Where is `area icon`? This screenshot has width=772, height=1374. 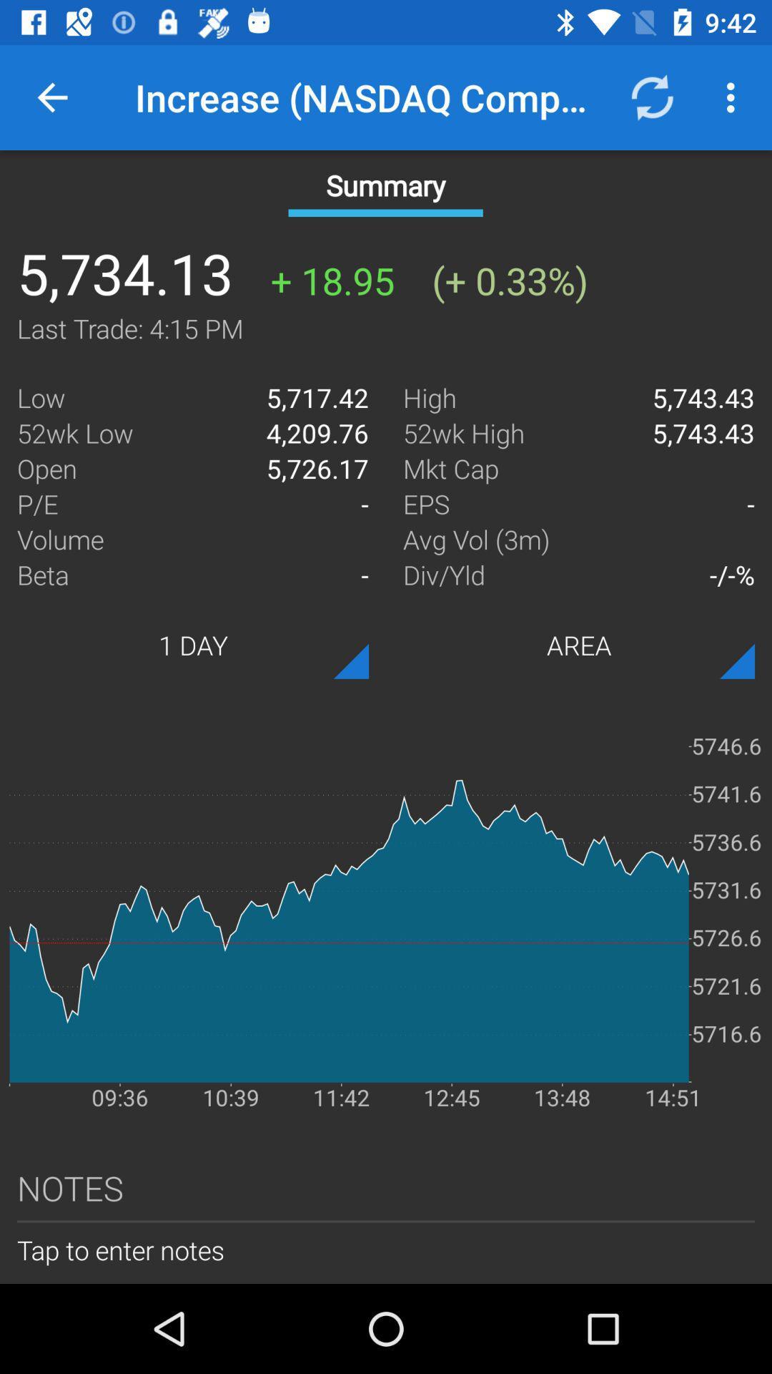 area icon is located at coordinates (579, 644).